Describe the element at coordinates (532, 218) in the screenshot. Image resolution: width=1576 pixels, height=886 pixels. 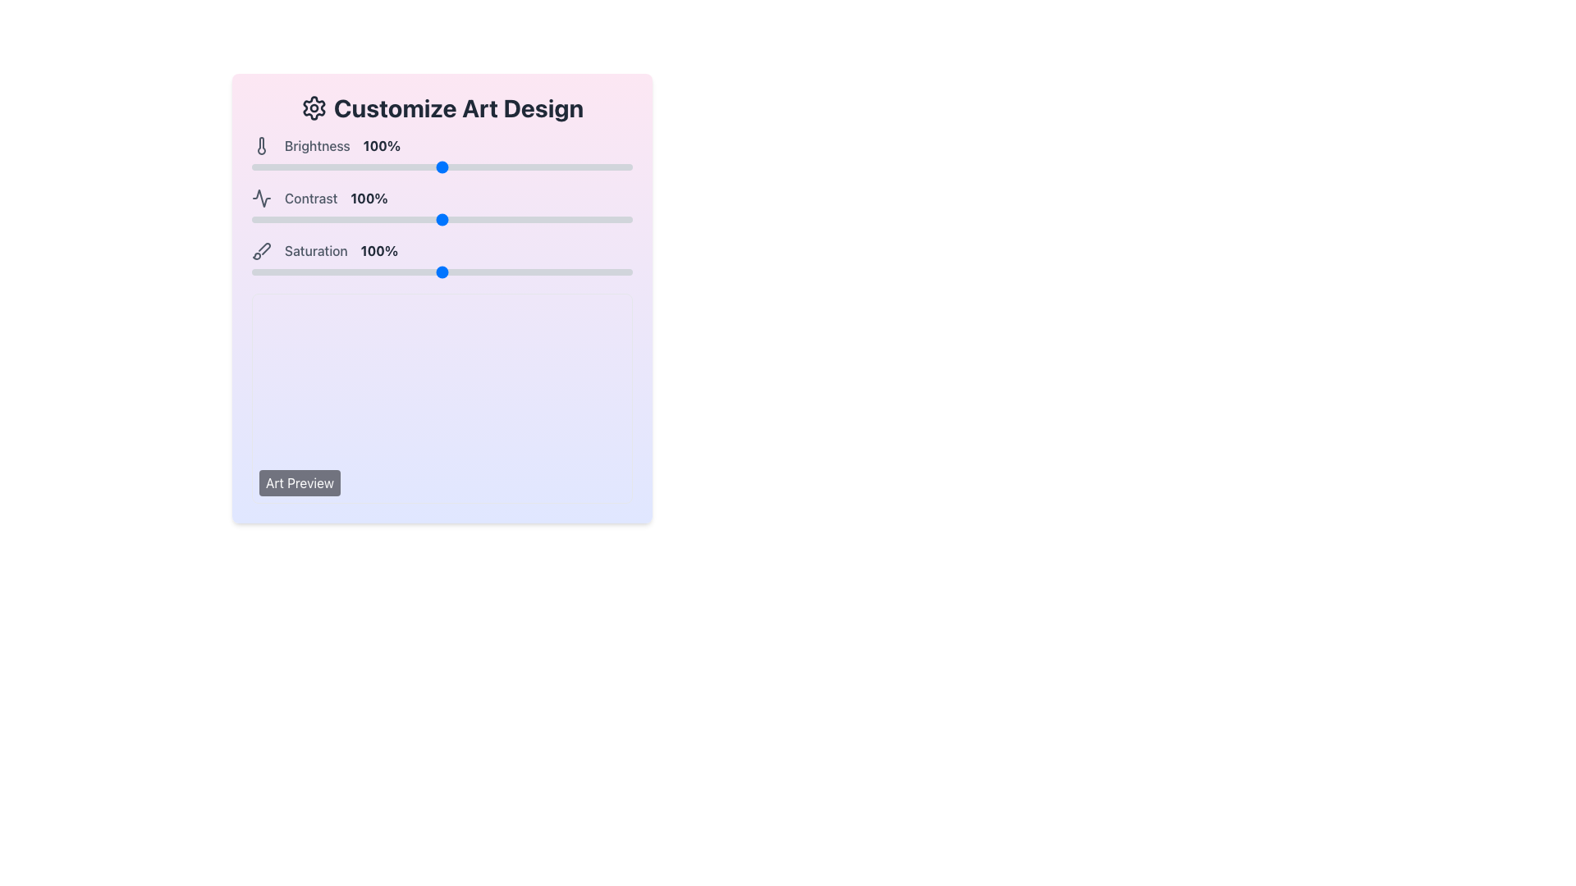
I see `contrast` at that location.